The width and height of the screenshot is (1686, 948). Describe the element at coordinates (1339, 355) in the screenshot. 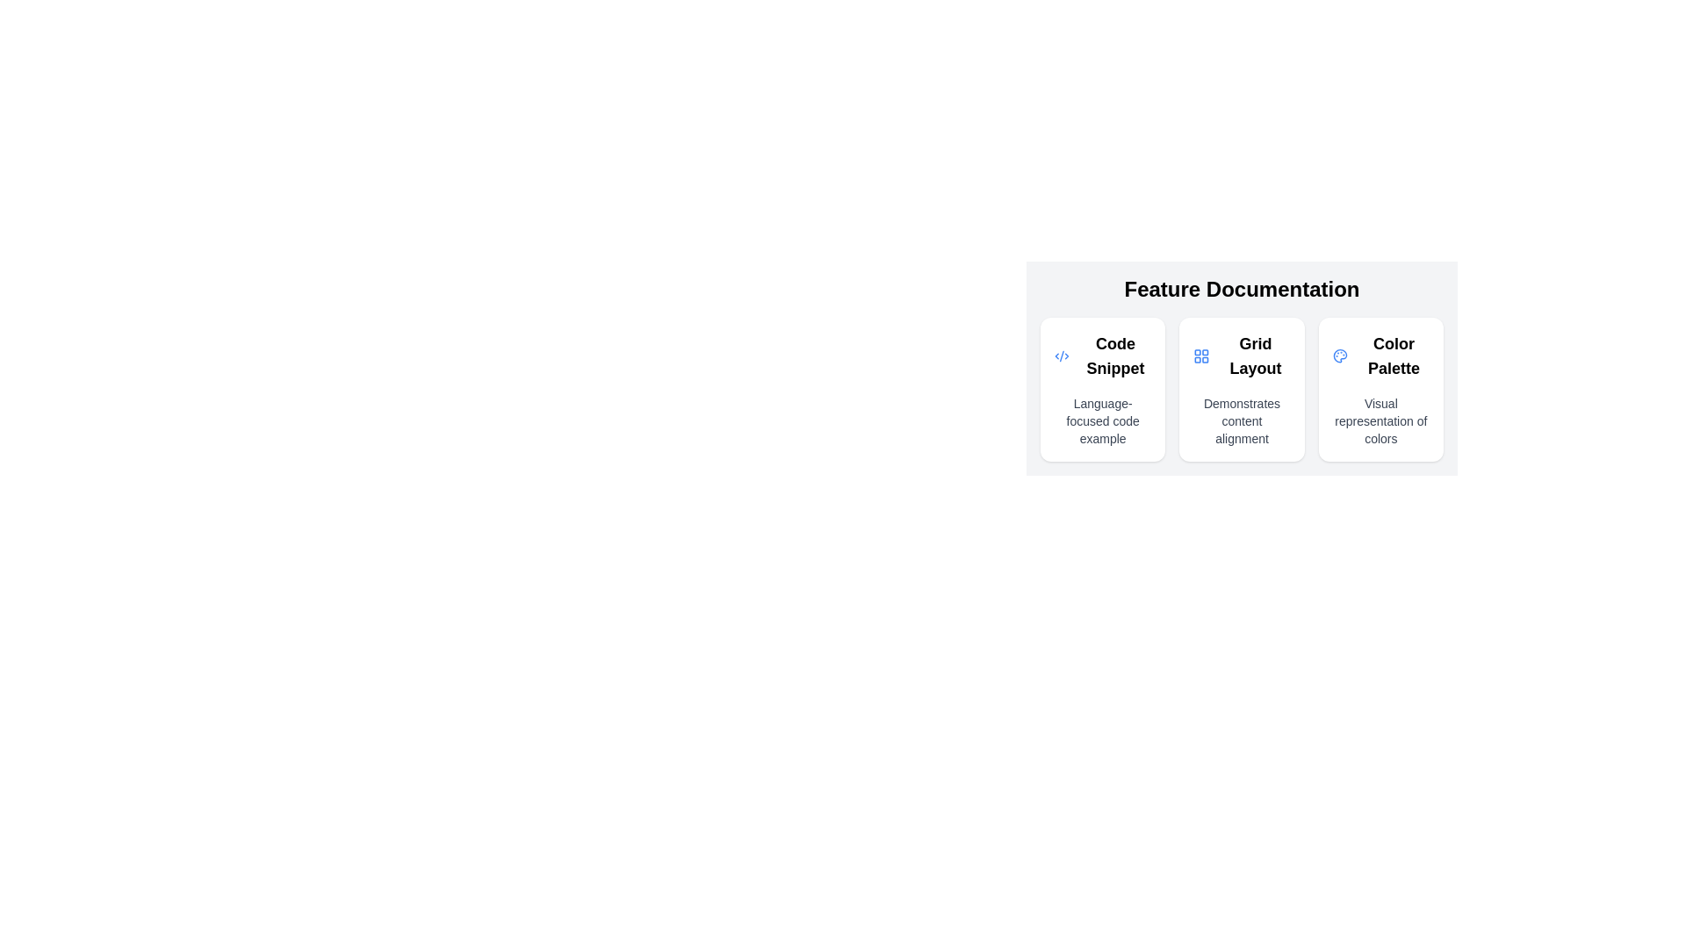

I see `the color palette icon, which is an oval-shaped SVG with circular indentations representing paint wells, located in the 'Color Palette' section of the 'Feature Documentation'` at that location.